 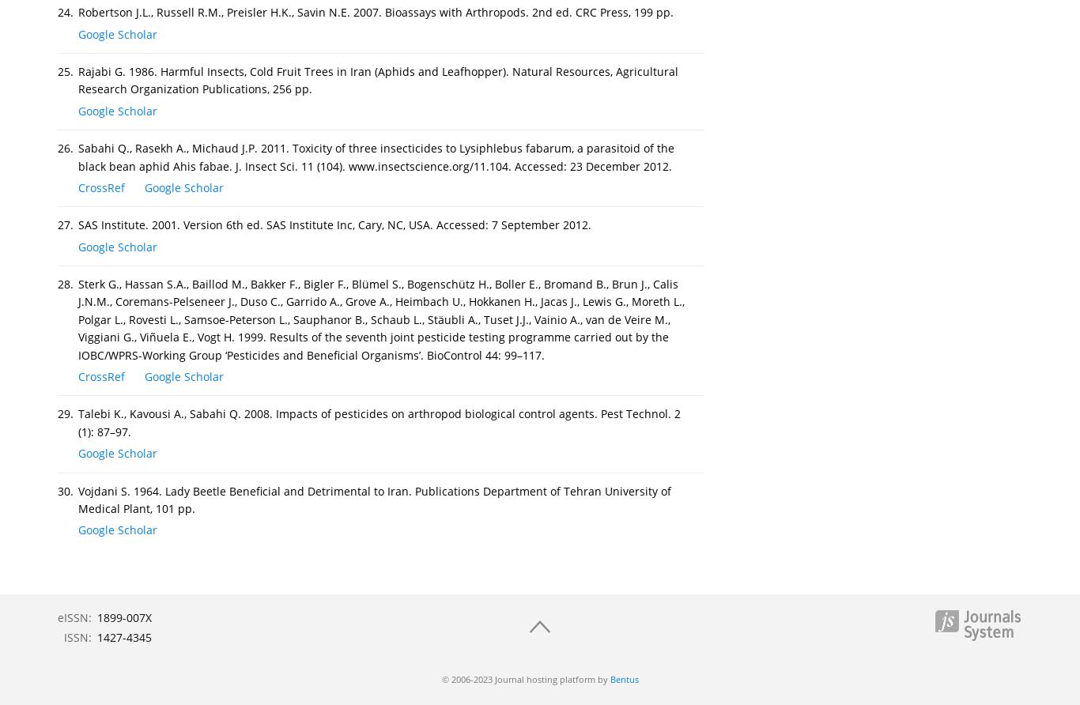 I want to click on 'Talebi K., Kavousi A., Sabahi Q. 2008. Impacts of pesticides on arthropod biological control agents. Pest Technol. 2 (1): 87–97.', so click(x=78, y=422).